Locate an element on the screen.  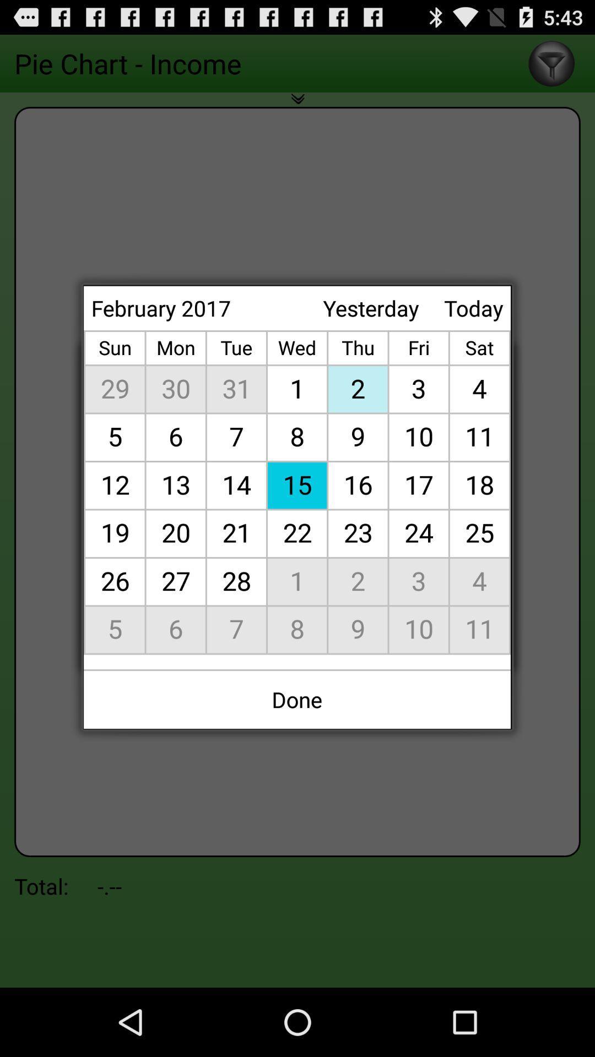
today is located at coordinates (473, 308).